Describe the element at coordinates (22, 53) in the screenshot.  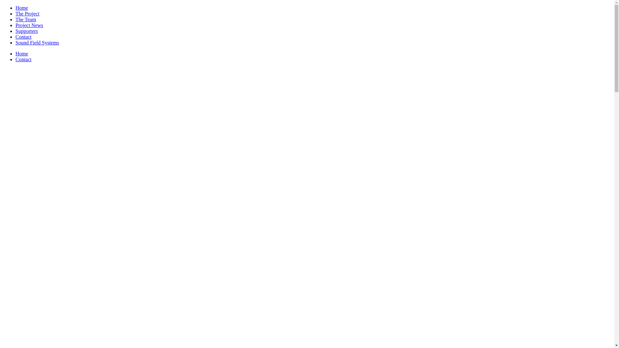
I see `'Home'` at that location.